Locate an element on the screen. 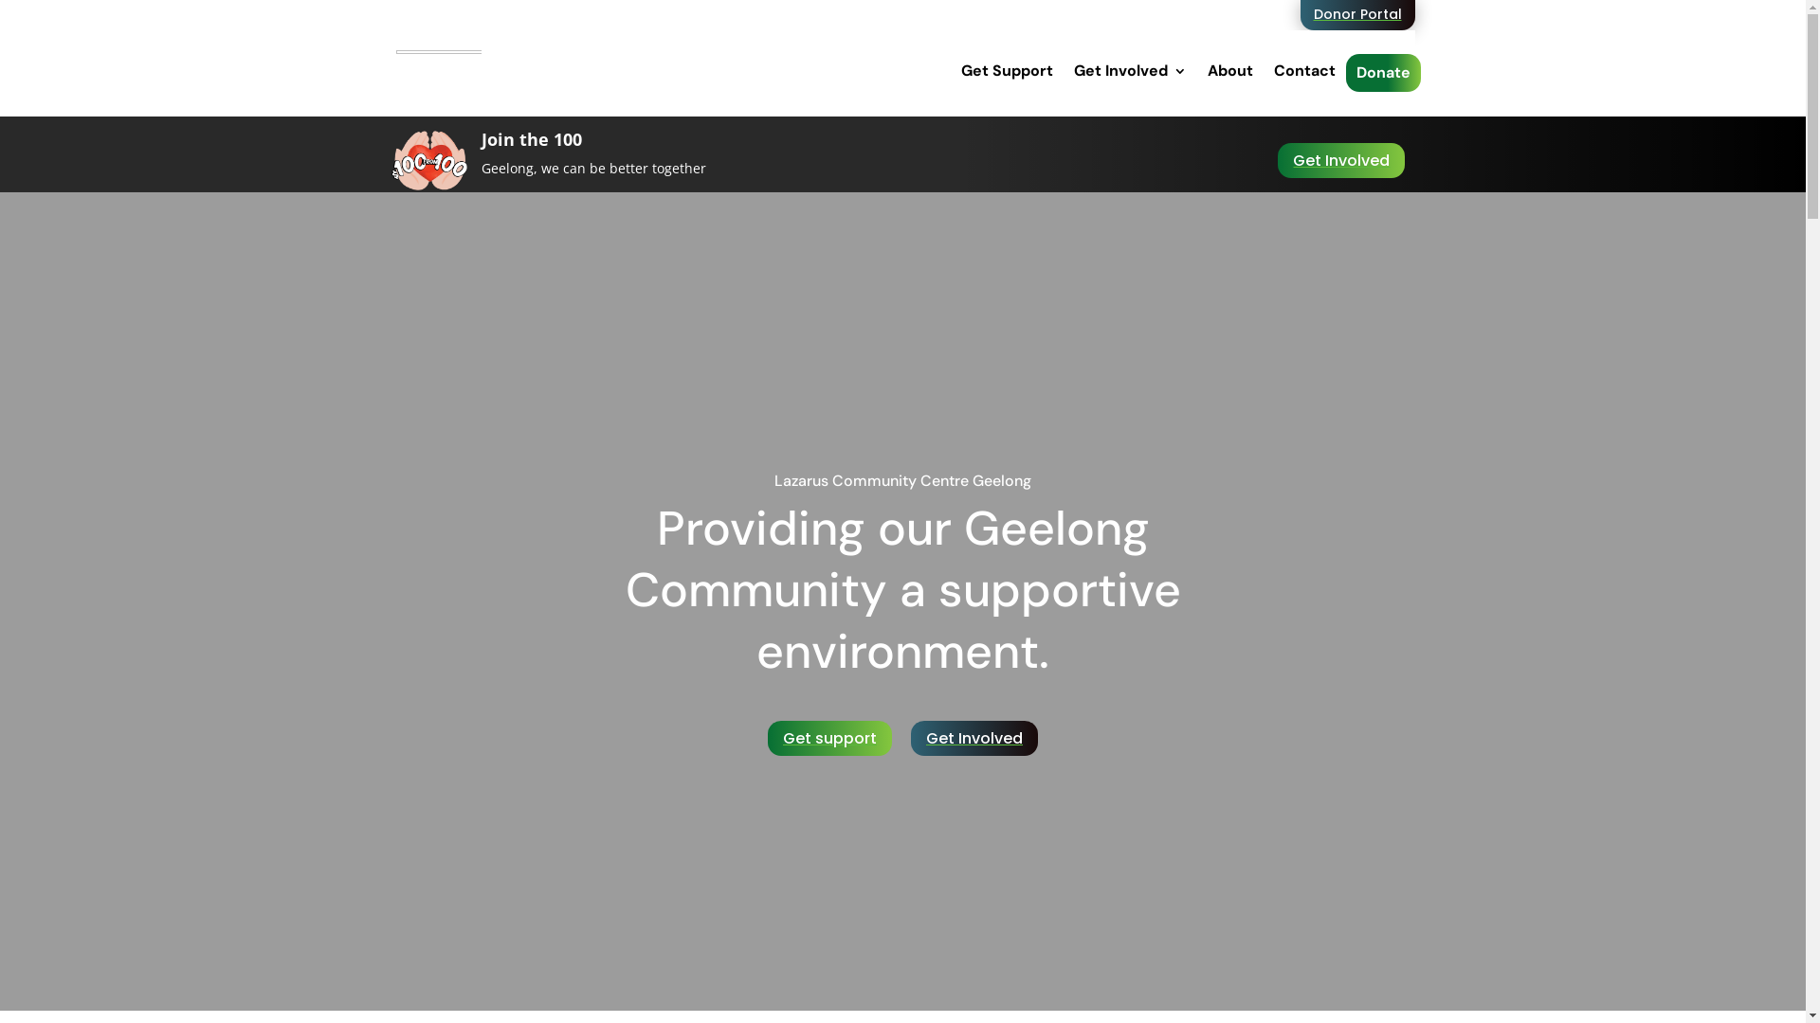 Image resolution: width=1820 pixels, height=1023 pixels. 'Get support' is located at coordinates (829, 737).